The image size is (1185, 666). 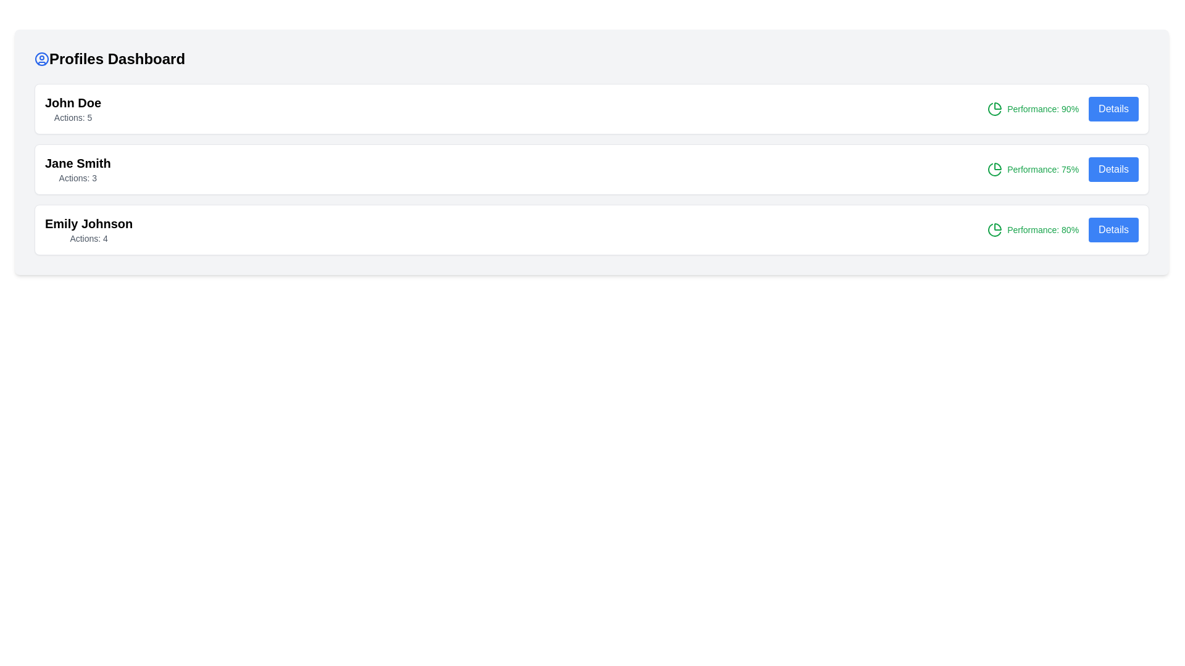 What do you see at coordinates (72, 118) in the screenshot?
I see `the text label displaying 'Actions: 5', which is located directly below 'John Doe' in the top-left section of the dashboard` at bounding box center [72, 118].